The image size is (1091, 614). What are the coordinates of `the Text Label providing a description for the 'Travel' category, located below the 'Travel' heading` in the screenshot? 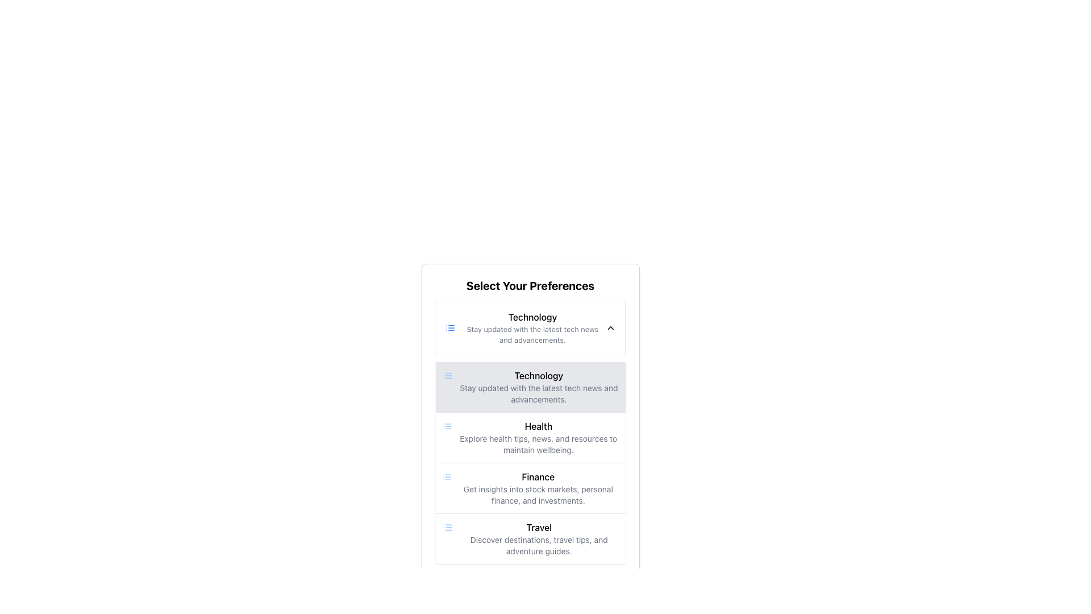 It's located at (538, 545).